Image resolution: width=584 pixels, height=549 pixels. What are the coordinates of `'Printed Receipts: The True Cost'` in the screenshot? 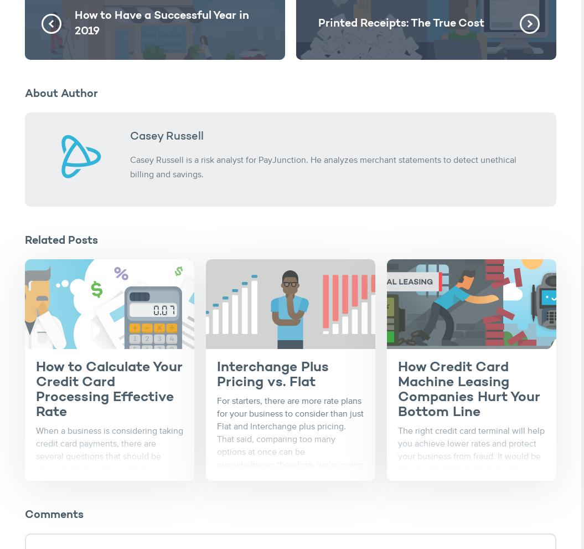 It's located at (401, 23).